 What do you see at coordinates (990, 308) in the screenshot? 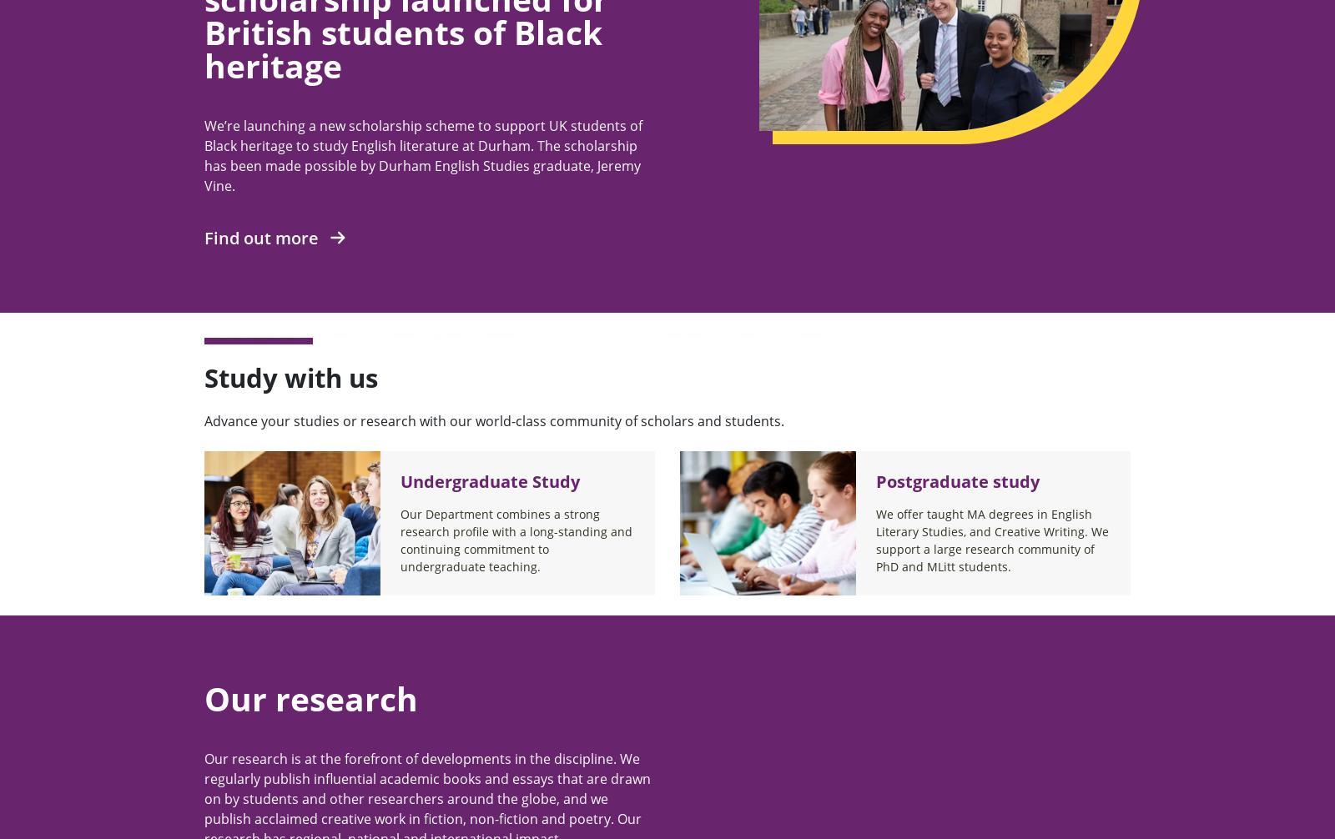
I see `'Cookie Policy'` at bounding box center [990, 308].